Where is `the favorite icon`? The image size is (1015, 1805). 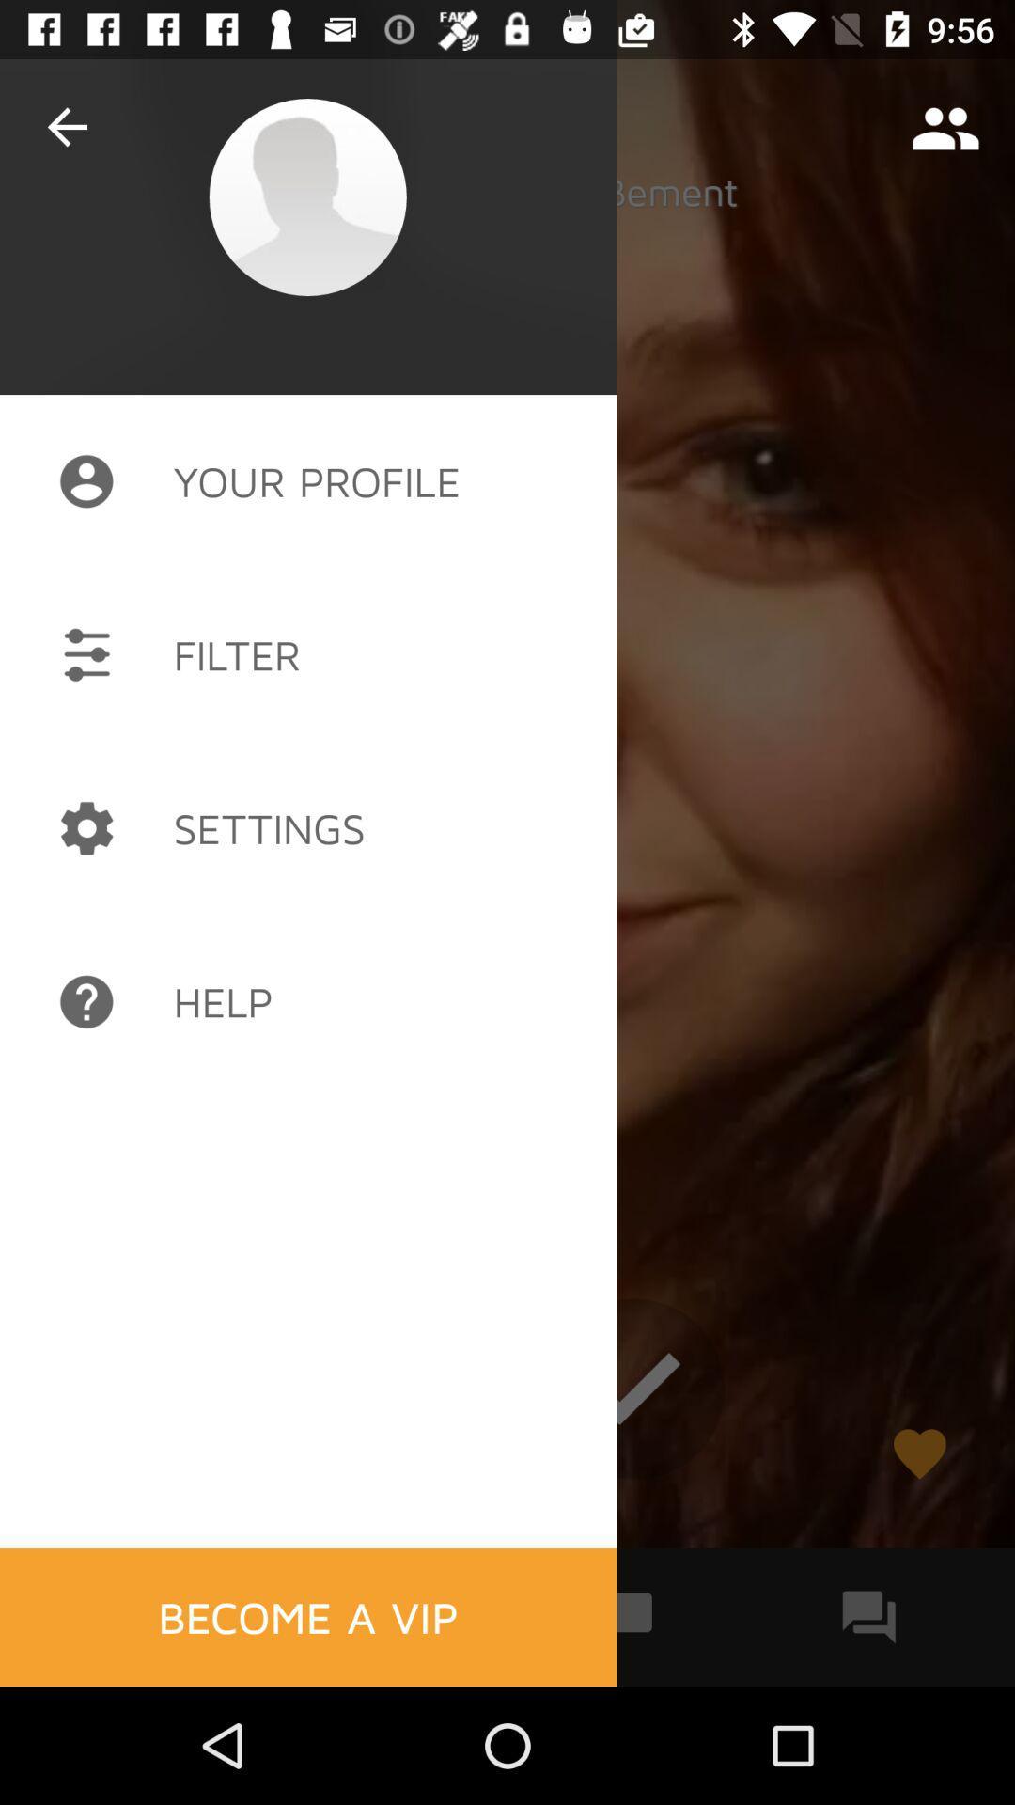
the favorite icon is located at coordinates (918, 1452).